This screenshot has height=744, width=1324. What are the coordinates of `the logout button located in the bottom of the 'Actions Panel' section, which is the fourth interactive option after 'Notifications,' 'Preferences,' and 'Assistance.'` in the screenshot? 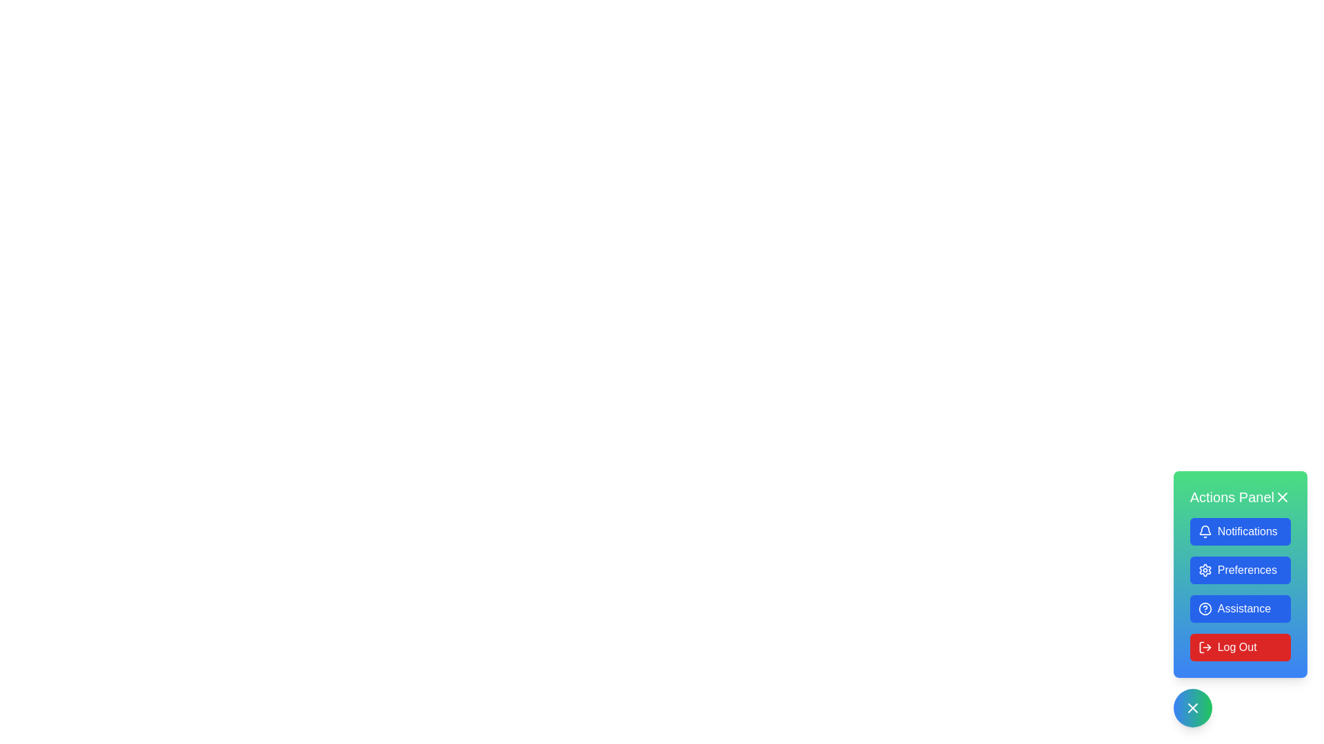 It's located at (1240, 648).